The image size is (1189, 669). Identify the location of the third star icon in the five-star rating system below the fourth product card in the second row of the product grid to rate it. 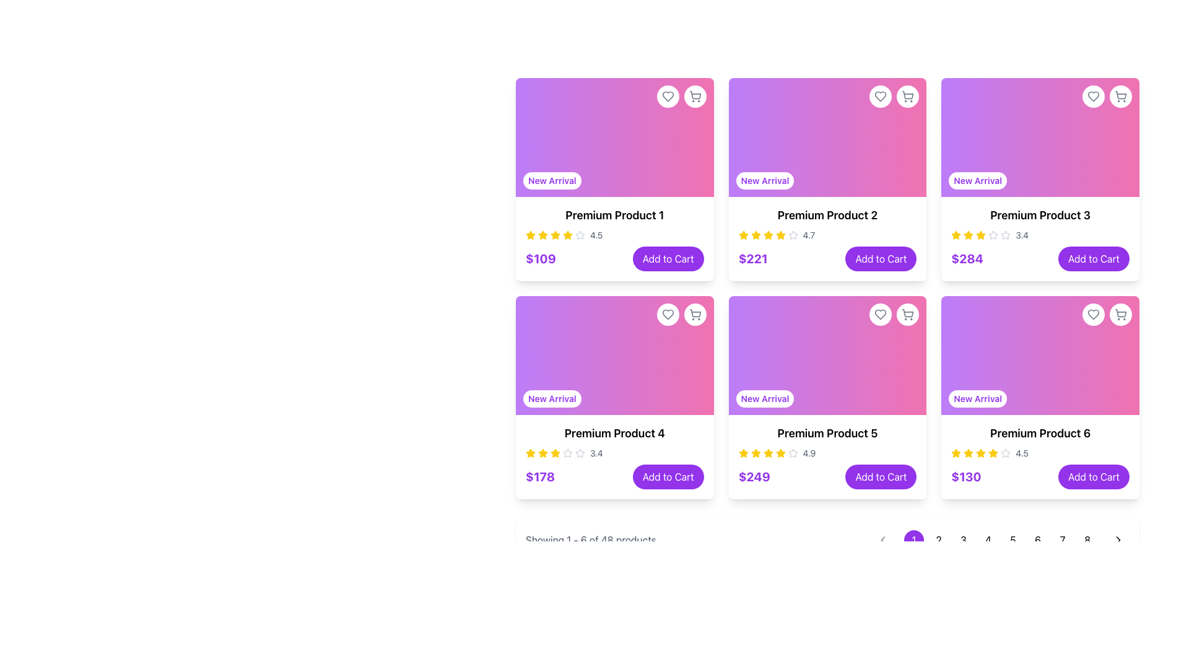
(567, 453).